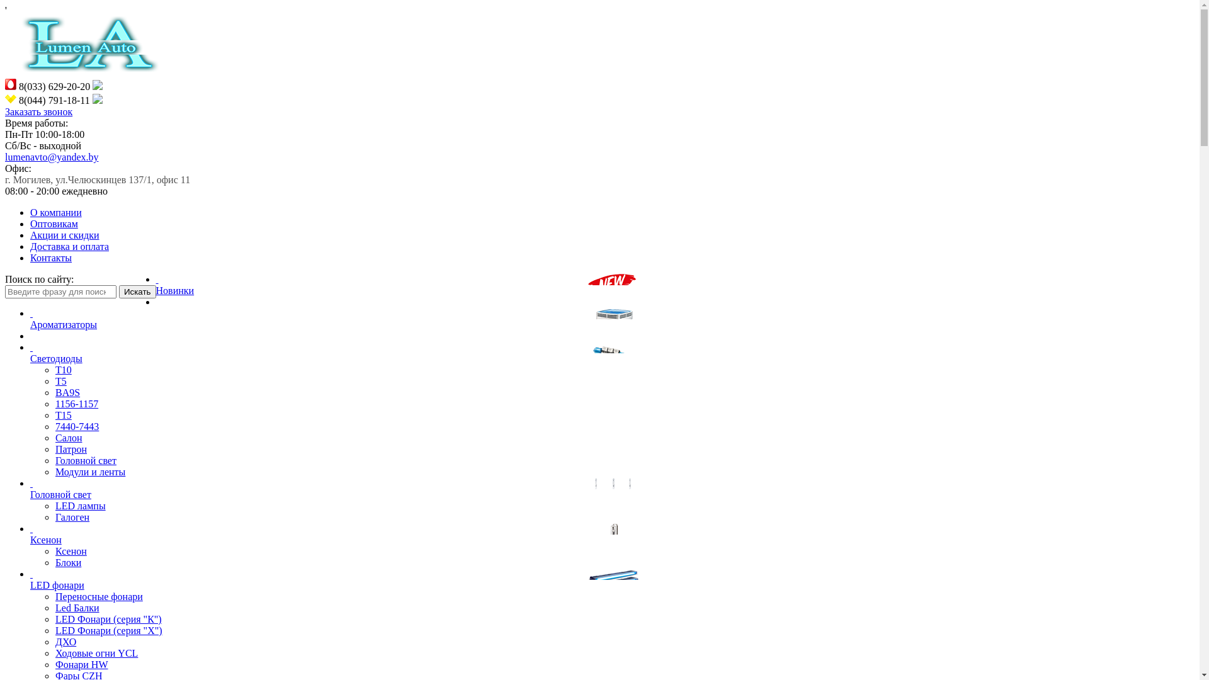 This screenshot has height=680, width=1209. I want to click on 'T10', so click(62, 369).